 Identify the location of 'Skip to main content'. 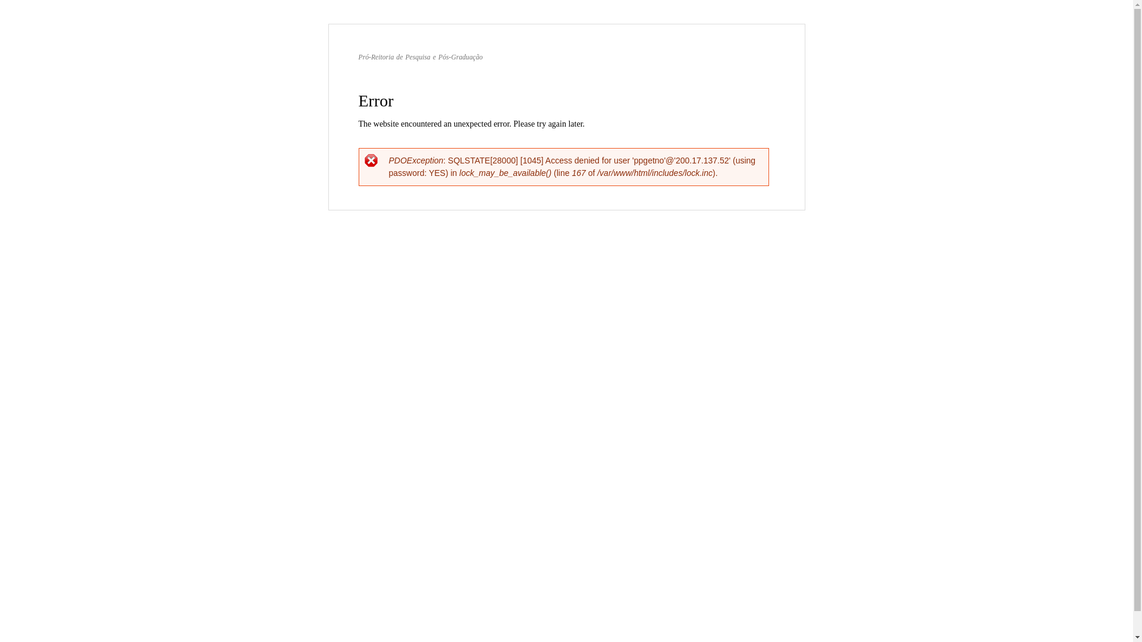
(541, 25).